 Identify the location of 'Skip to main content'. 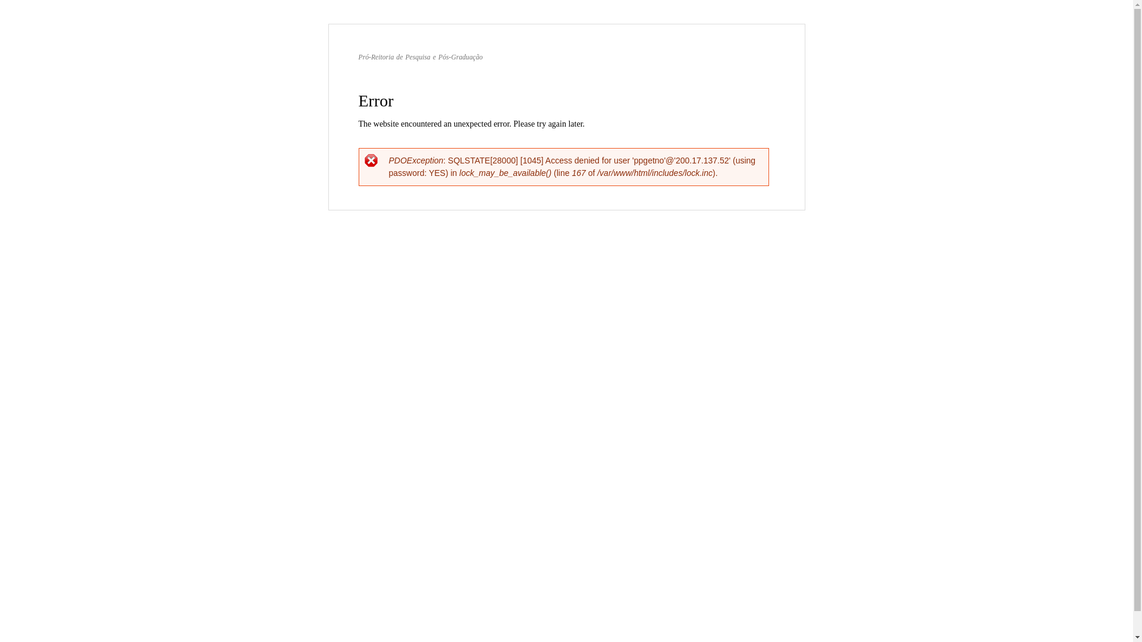
(541, 25).